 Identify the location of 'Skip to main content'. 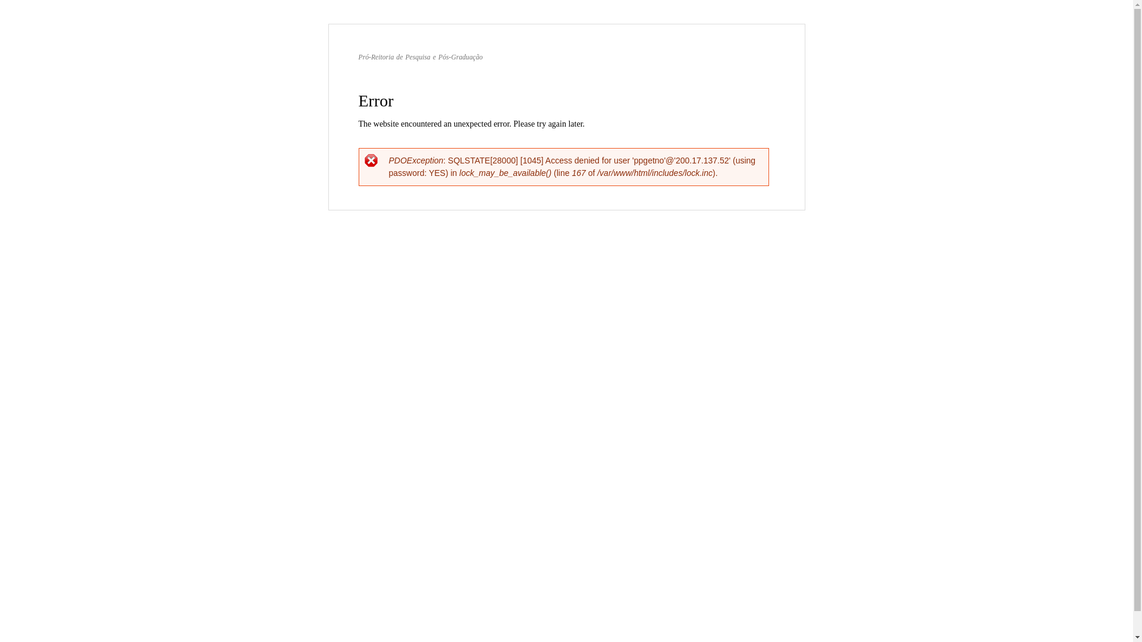
(541, 25).